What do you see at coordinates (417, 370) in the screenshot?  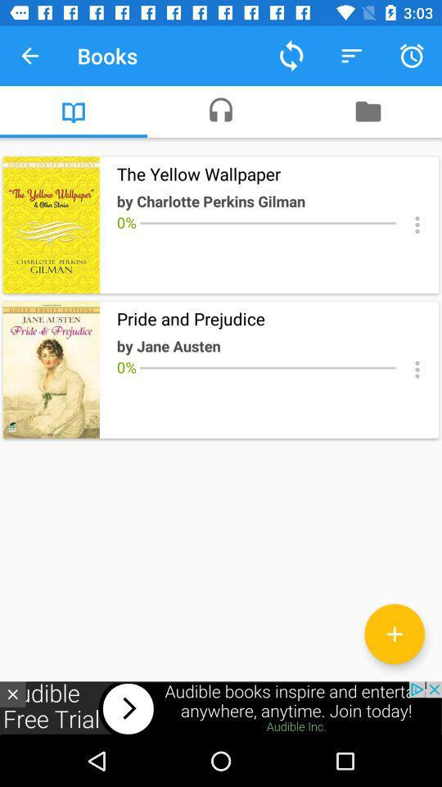 I see `open options` at bounding box center [417, 370].